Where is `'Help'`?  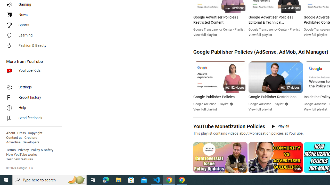 'Help' is located at coordinates (29, 108).